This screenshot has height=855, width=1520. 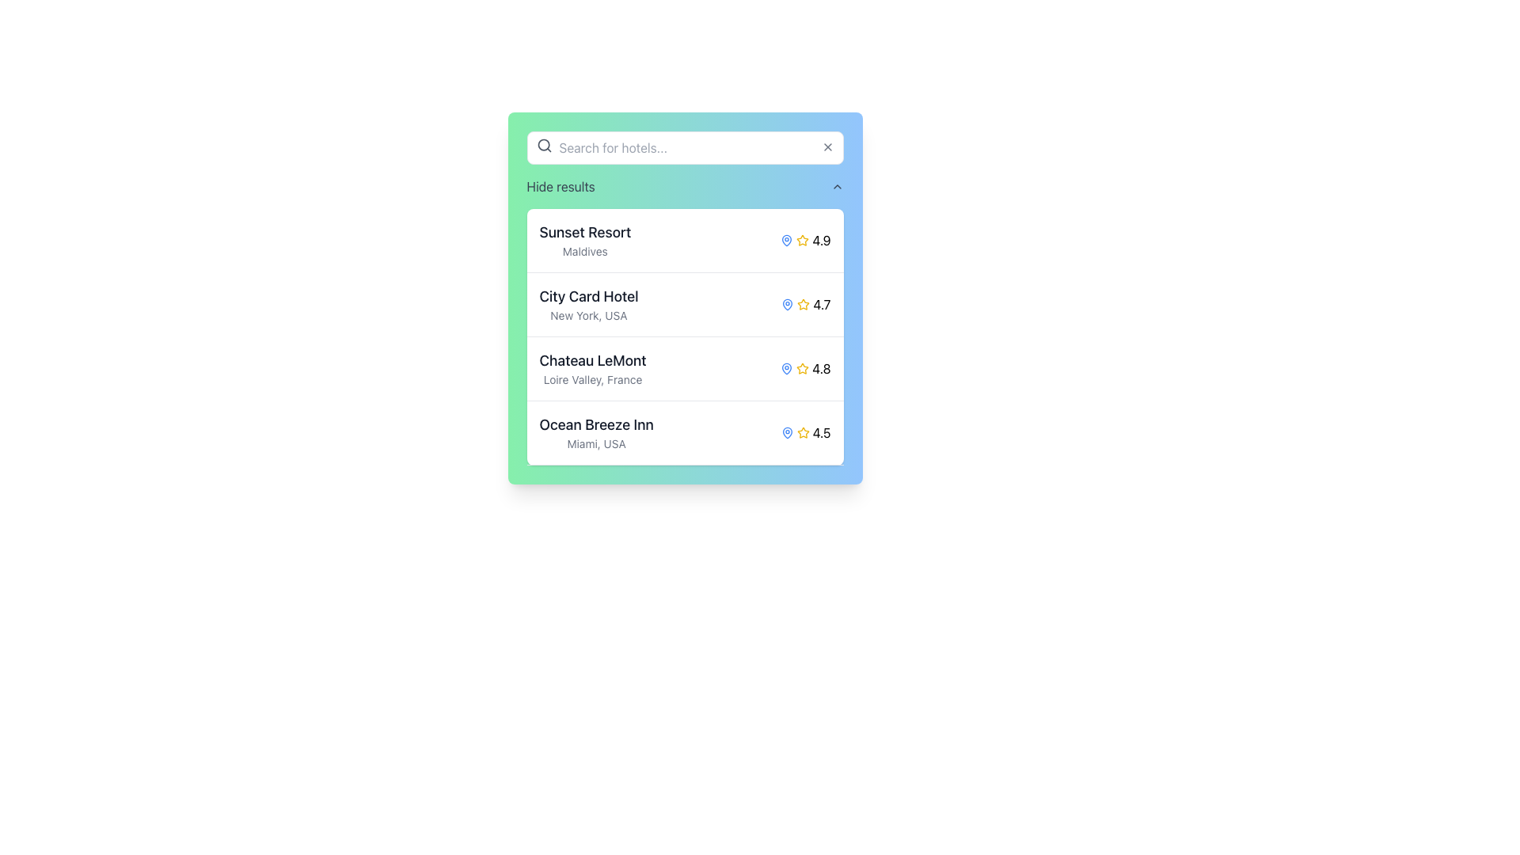 What do you see at coordinates (591, 369) in the screenshot?
I see `the text block displaying 'Chateau LeMont' which is the third item in a vertical list of hotel descriptions` at bounding box center [591, 369].